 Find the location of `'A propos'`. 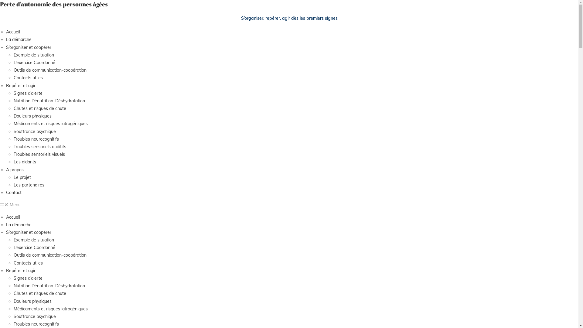

'A propos' is located at coordinates (15, 170).